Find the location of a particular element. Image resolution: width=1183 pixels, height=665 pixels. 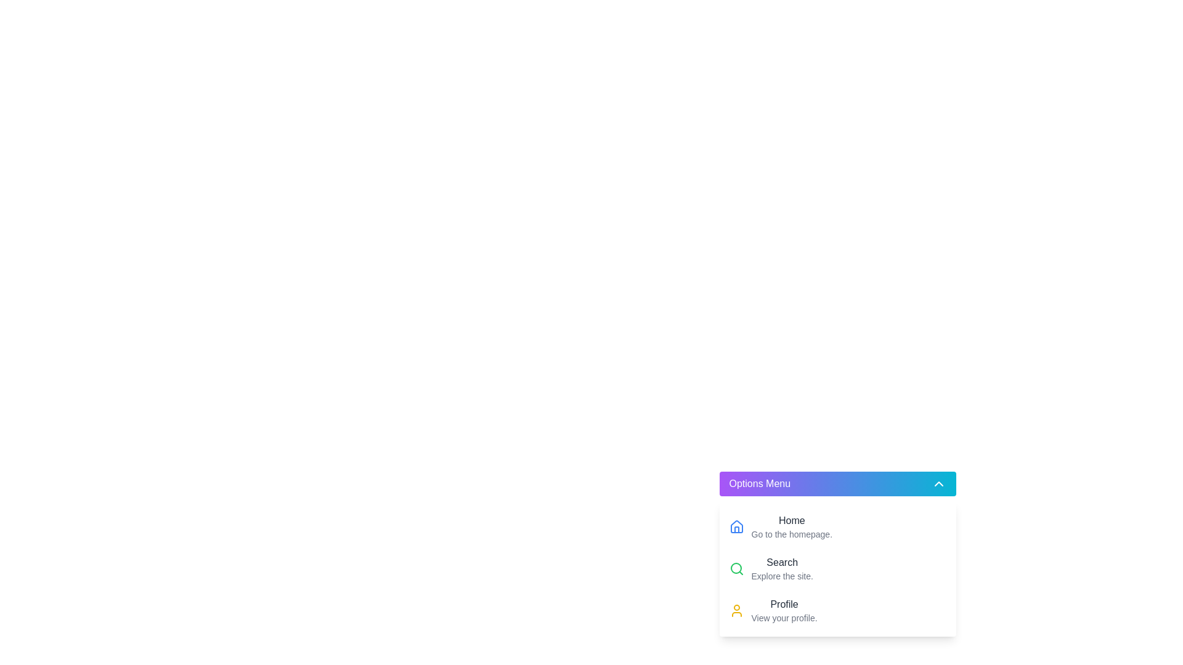

the 'Profile' text block located is located at coordinates (784, 610).